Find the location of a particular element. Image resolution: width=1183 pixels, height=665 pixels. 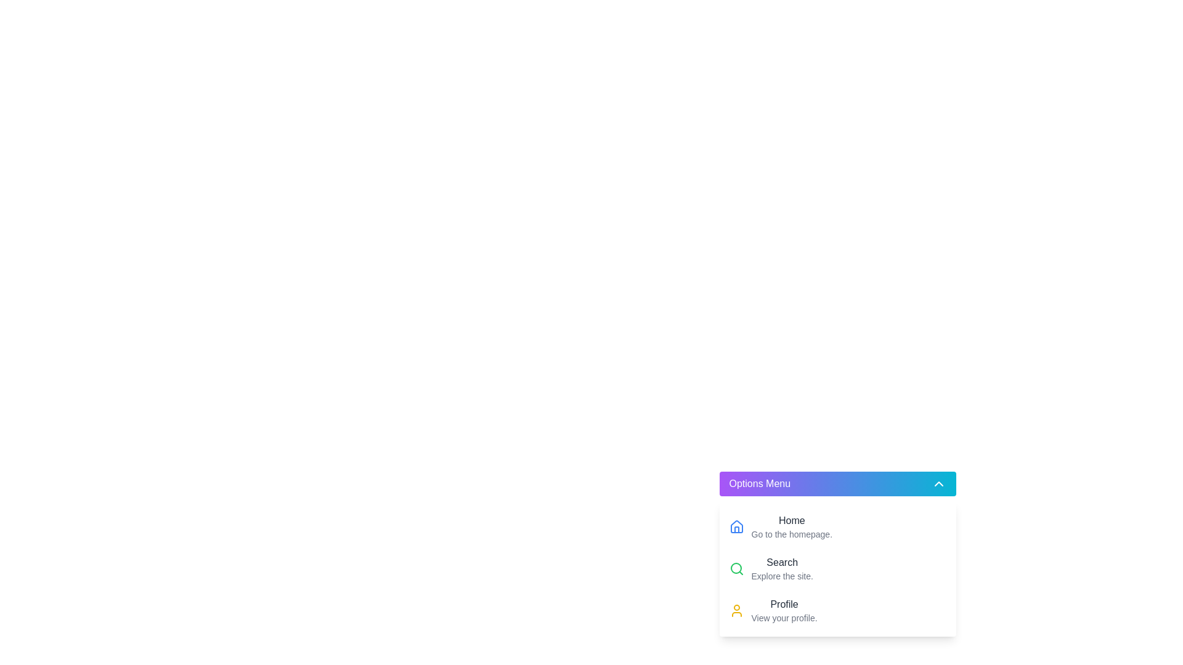

the 'Profile' text block located is located at coordinates (784, 610).